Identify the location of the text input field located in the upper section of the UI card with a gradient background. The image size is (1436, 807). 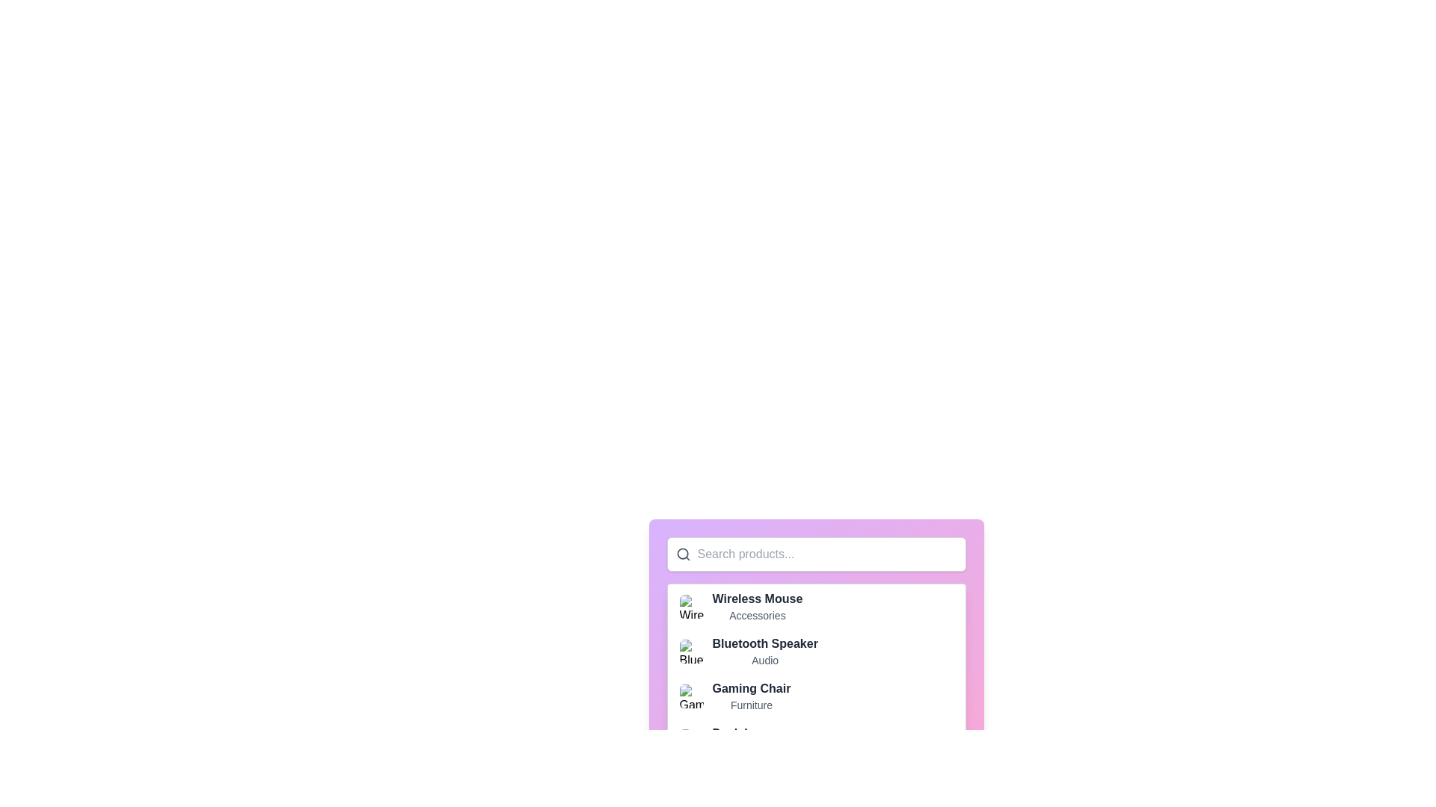
(815, 554).